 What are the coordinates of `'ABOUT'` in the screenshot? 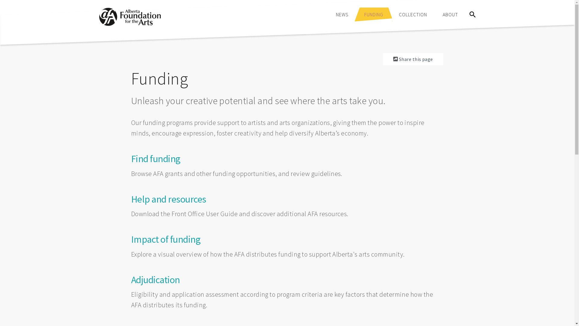 It's located at (438, 14).